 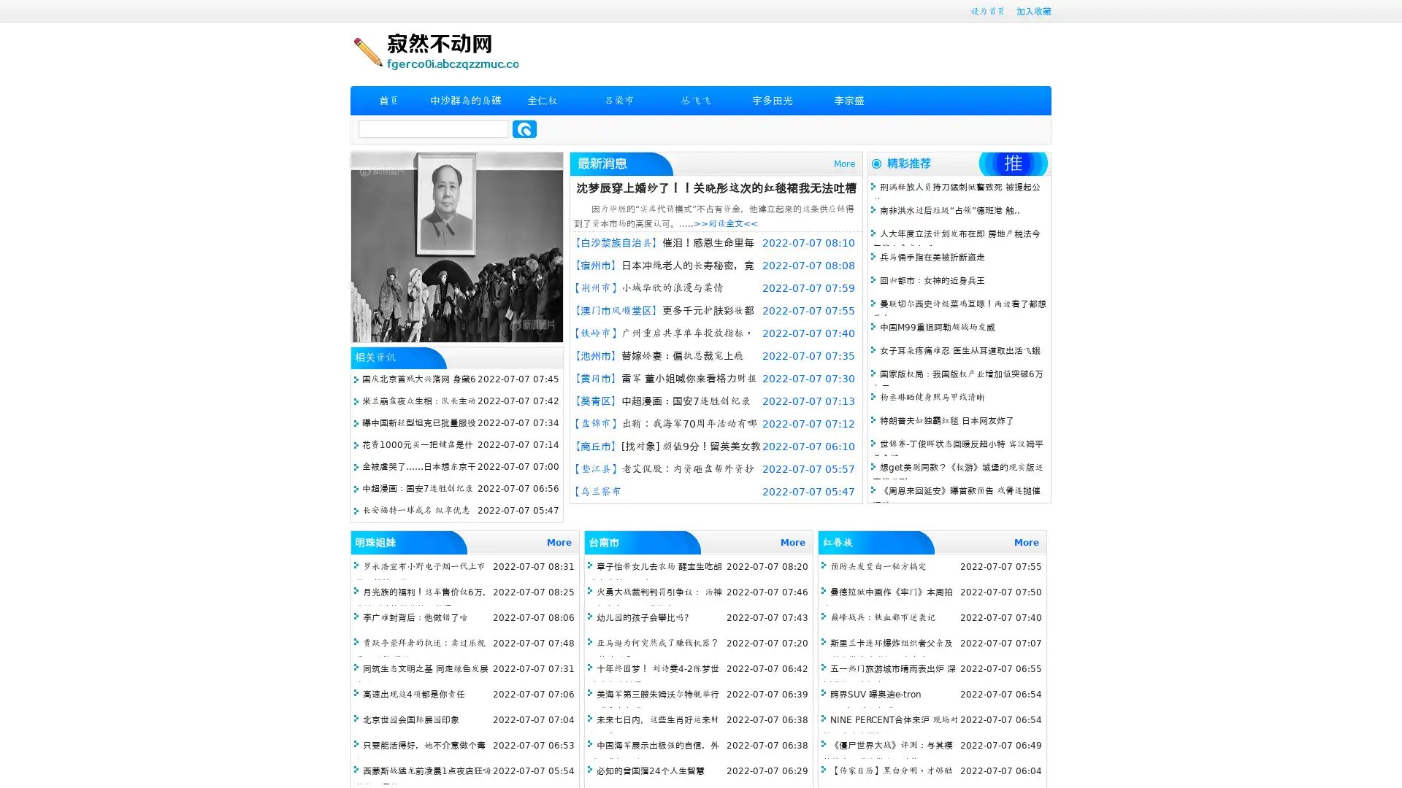 I want to click on Search, so click(x=524, y=128).